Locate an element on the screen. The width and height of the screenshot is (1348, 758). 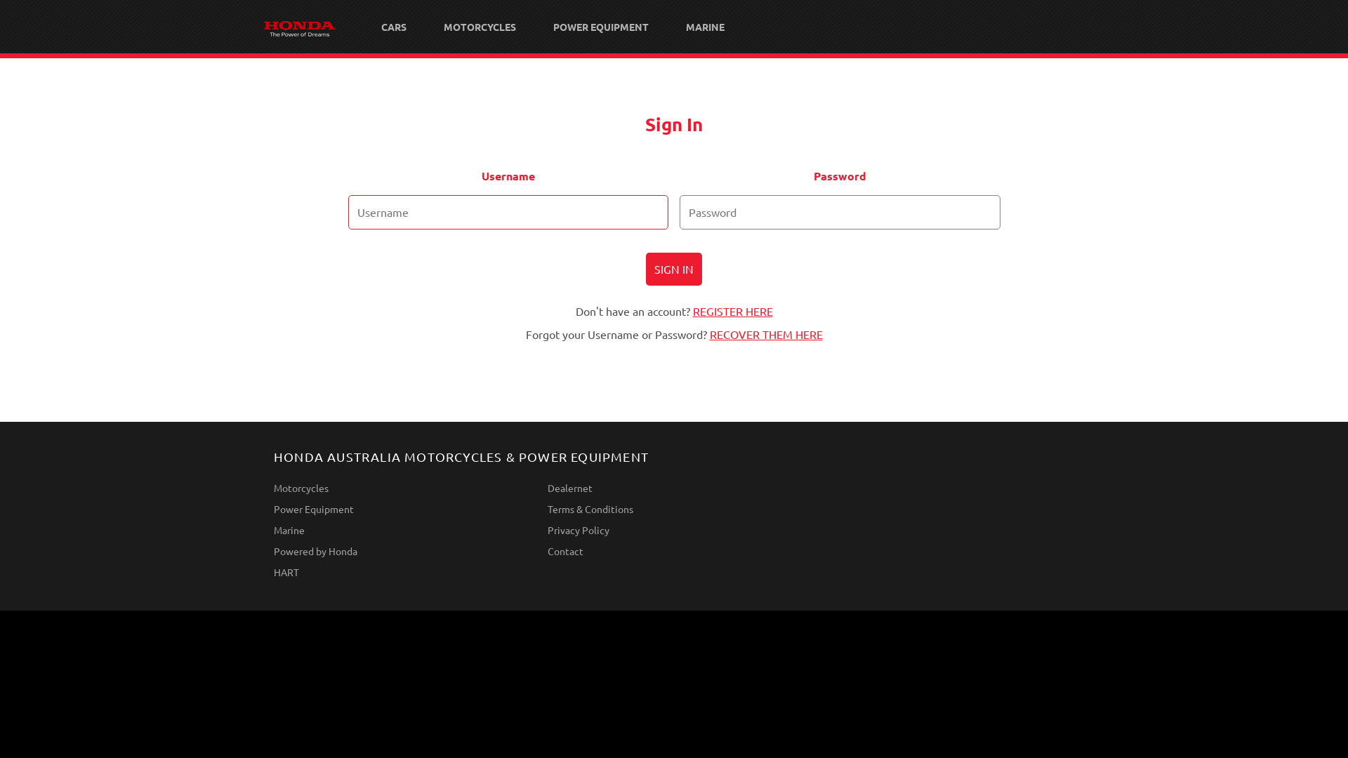
'RECOVER THEM HERE' is located at coordinates (765, 333).